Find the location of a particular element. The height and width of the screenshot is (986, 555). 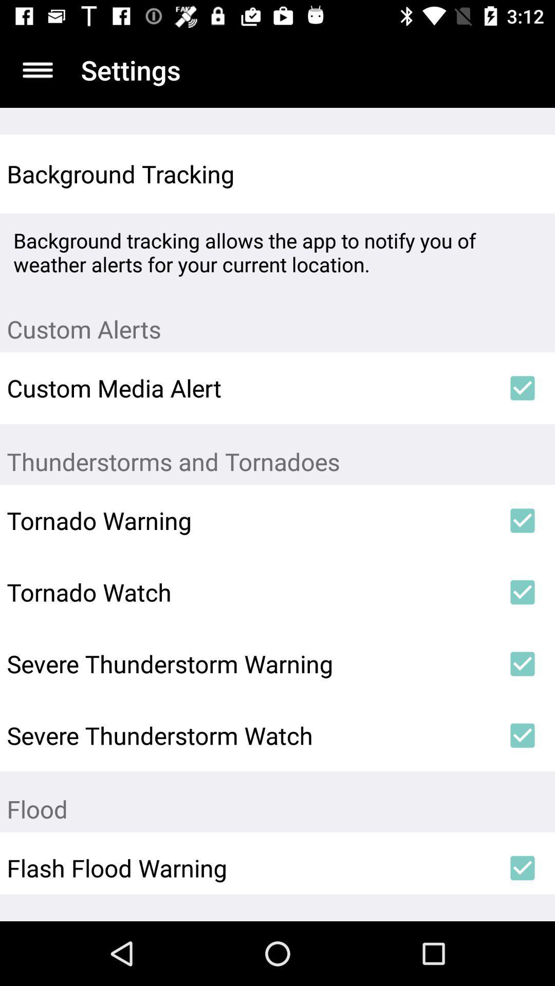

options is located at coordinates (37, 69).